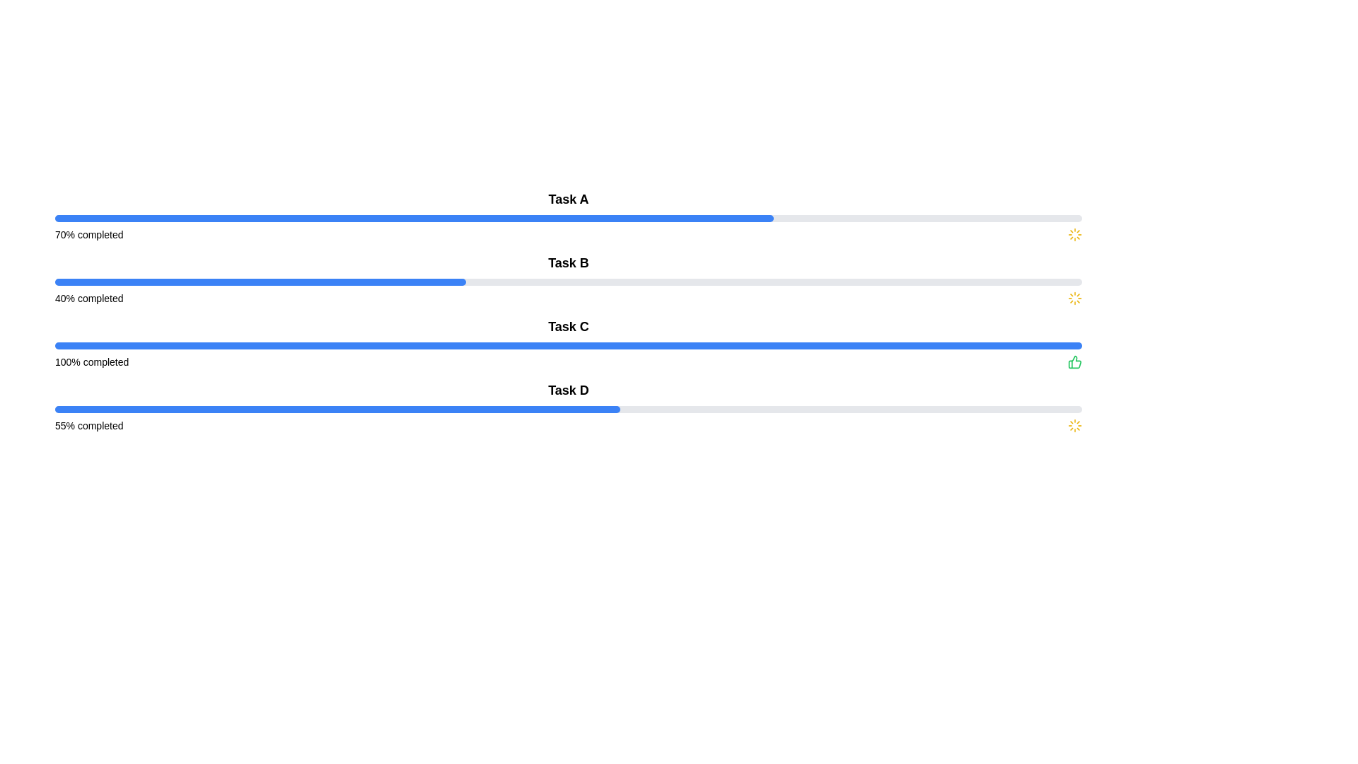 The height and width of the screenshot is (764, 1358). Describe the element at coordinates (88, 233) in the screenshot. I see `the Label displaying the current completion status for 'Task A'` at that location.